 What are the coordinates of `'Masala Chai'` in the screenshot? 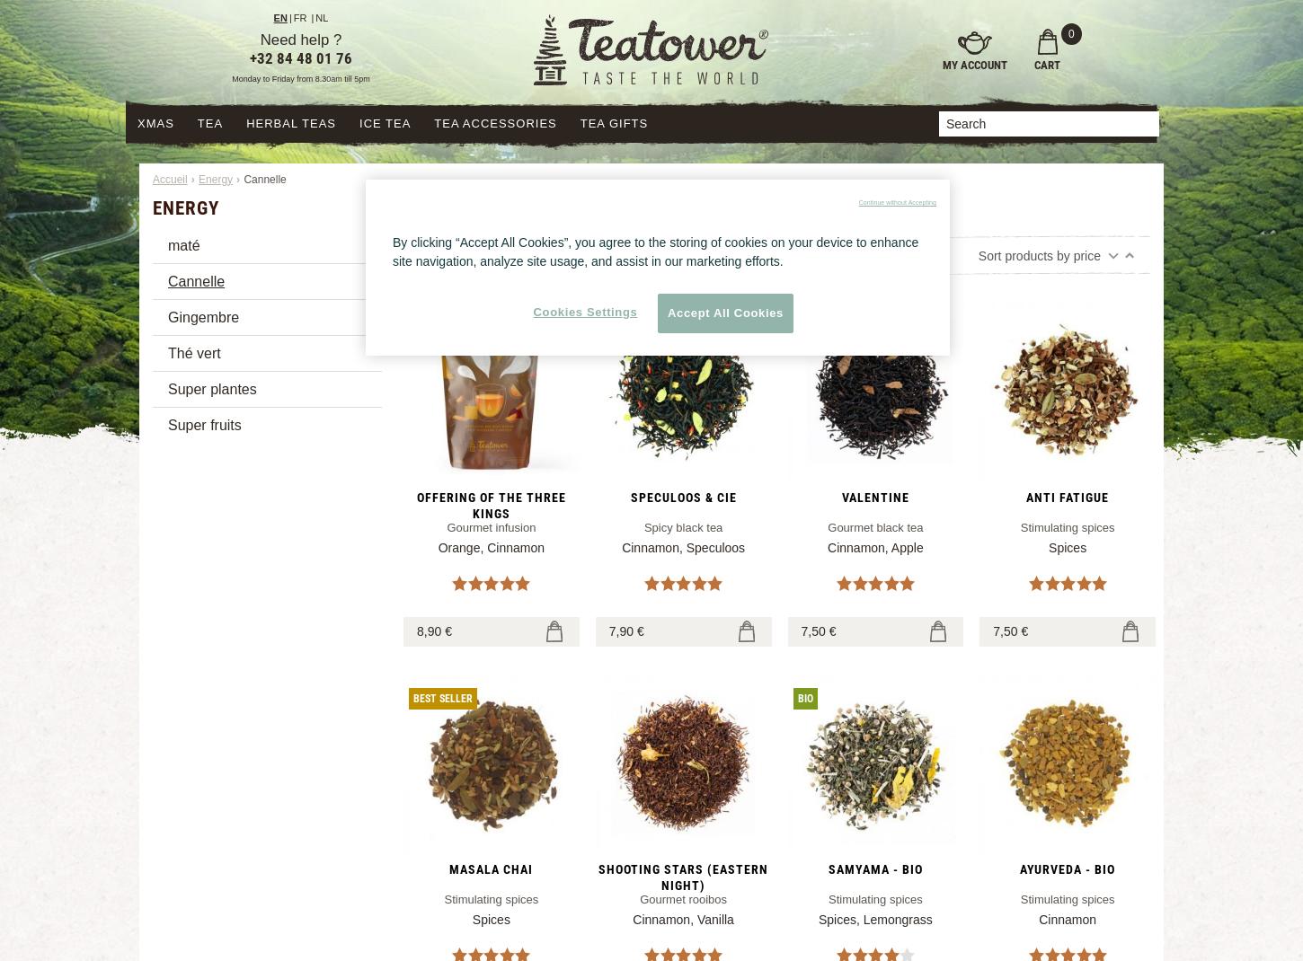 It's located at (491, 867).